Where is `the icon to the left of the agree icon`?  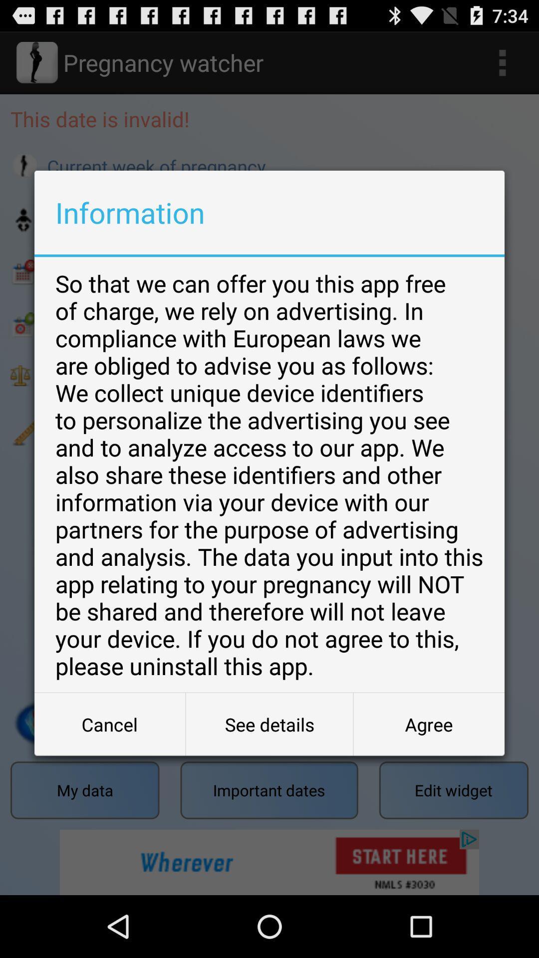
the icon to the left of the agree icon is located at coordinates (269, 724).